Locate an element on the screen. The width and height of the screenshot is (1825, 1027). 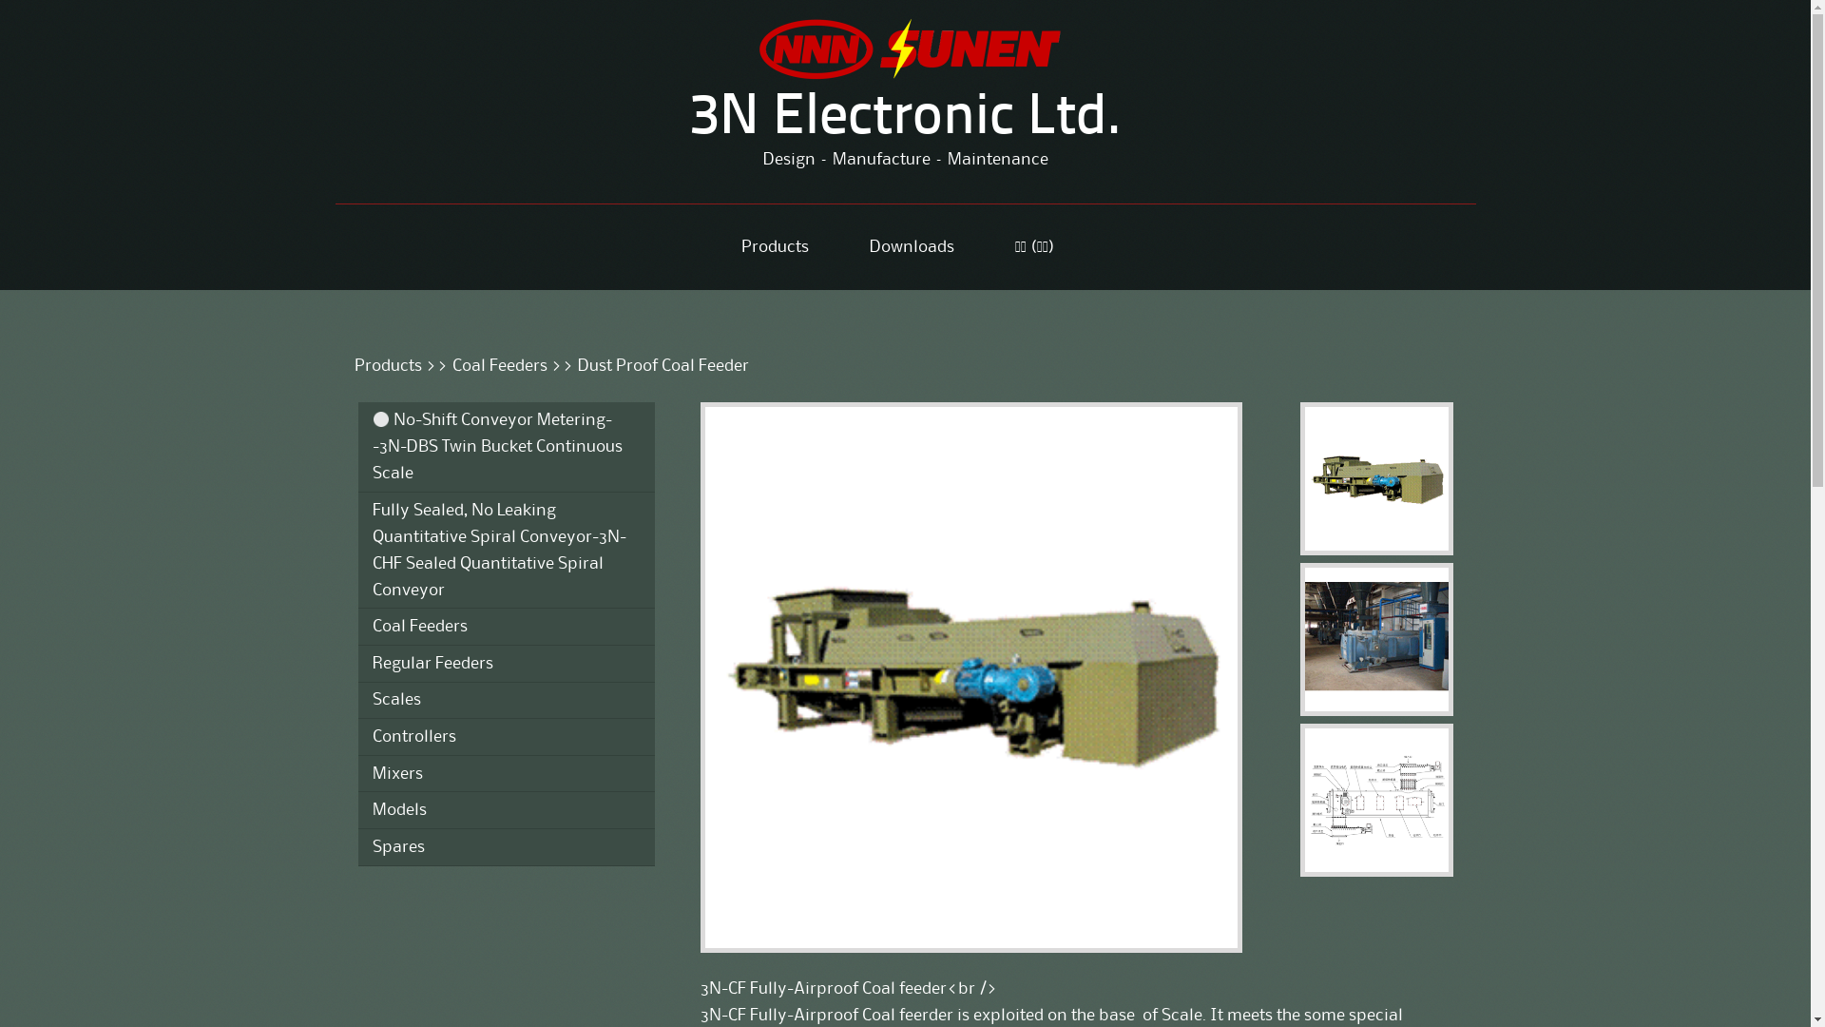
'Models' is located at coordinates (506, 810).